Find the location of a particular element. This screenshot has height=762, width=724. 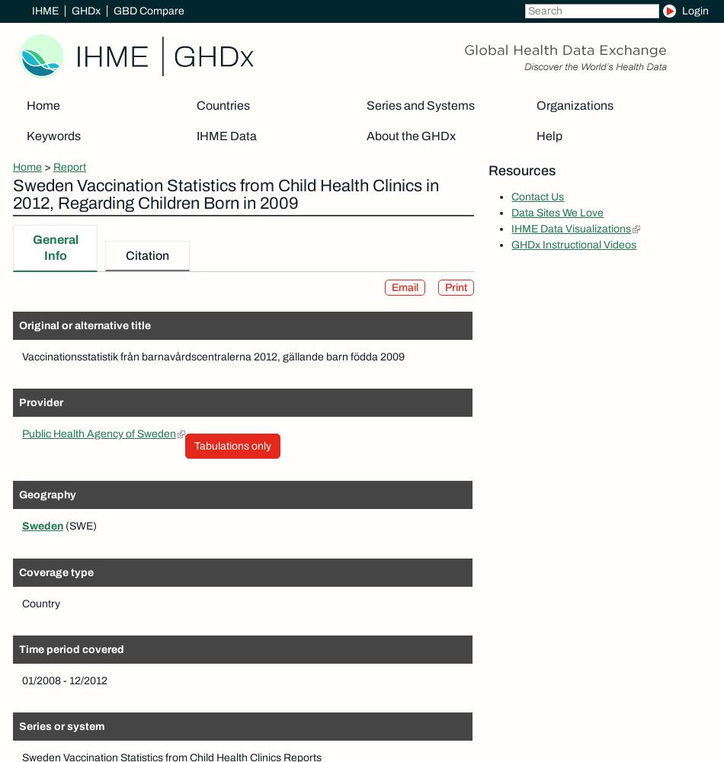

'Sweden' is located at coordinates (42, 525).